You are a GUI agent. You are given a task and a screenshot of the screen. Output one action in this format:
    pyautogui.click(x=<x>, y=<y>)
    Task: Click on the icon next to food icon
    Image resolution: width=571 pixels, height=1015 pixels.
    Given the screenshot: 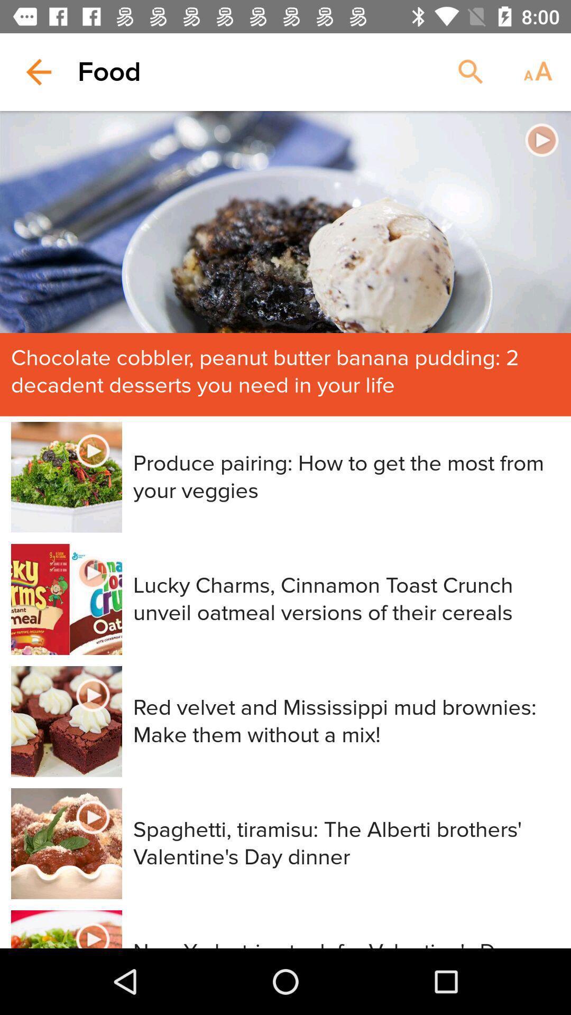 What is the action you would take?
    pyautogui.click(x=38, y=71)
    